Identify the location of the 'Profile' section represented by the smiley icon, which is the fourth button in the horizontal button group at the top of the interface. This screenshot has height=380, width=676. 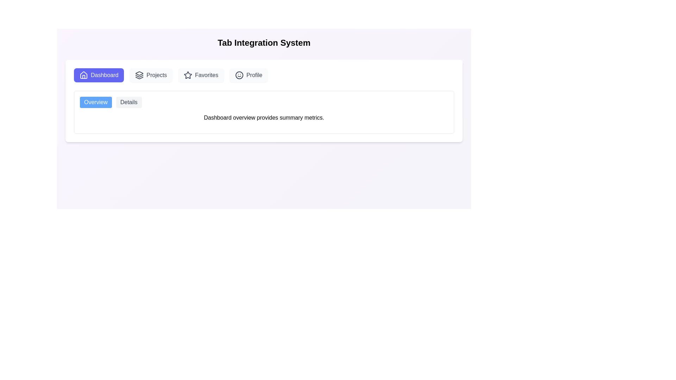
(239, 75).